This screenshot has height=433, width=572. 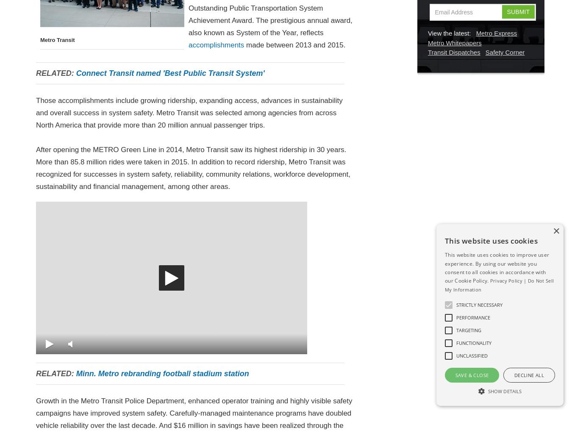 What do you see at coordinates (517, 11) in the screenshot?
I see `'Submit'` at bounding box center [517, 11].